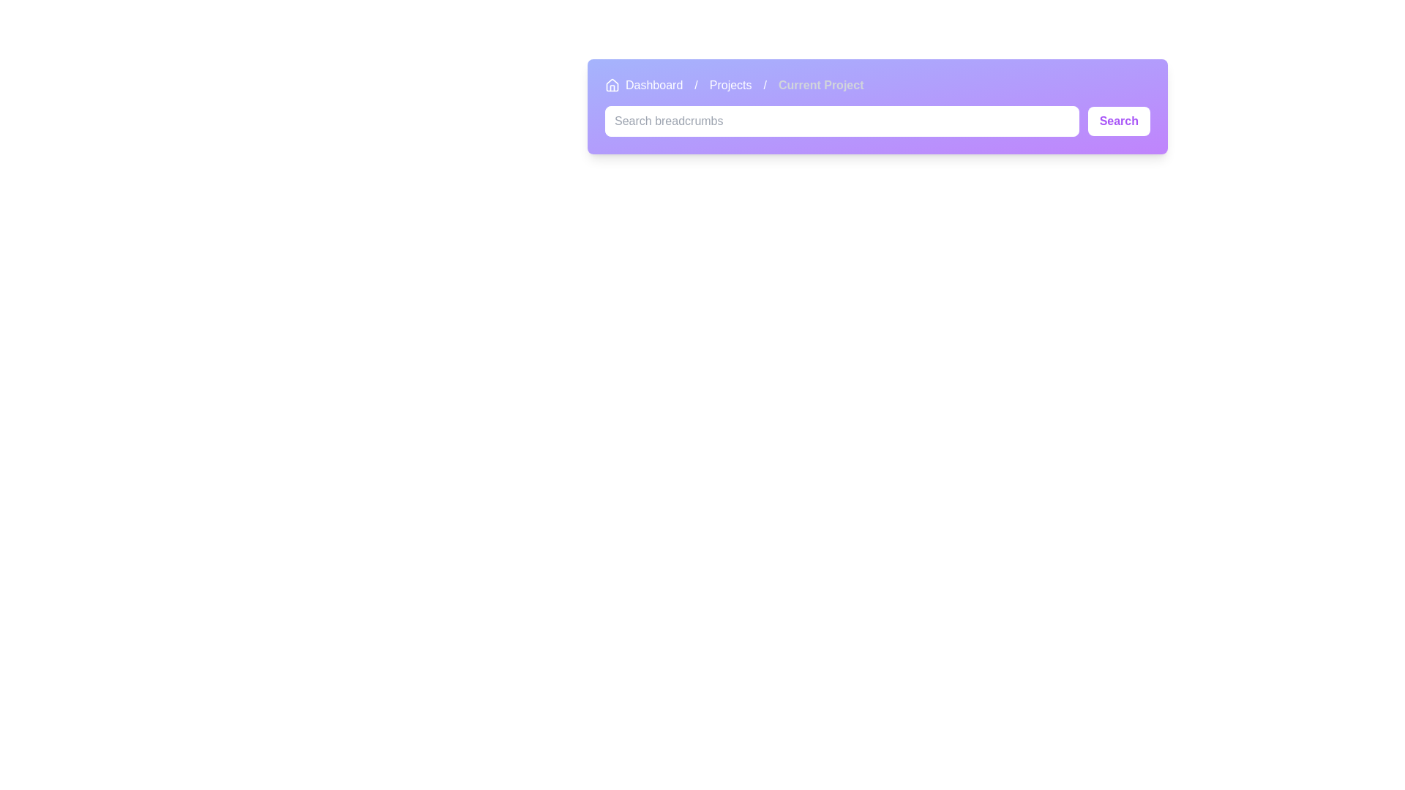  What do you see at coordinates (1118, 120) in the screenshot?
I see `the 'Search' button with rounded corners, white background, and purple text to change its background color to a lighter shade of purple` at bounding box center [1118, 120].